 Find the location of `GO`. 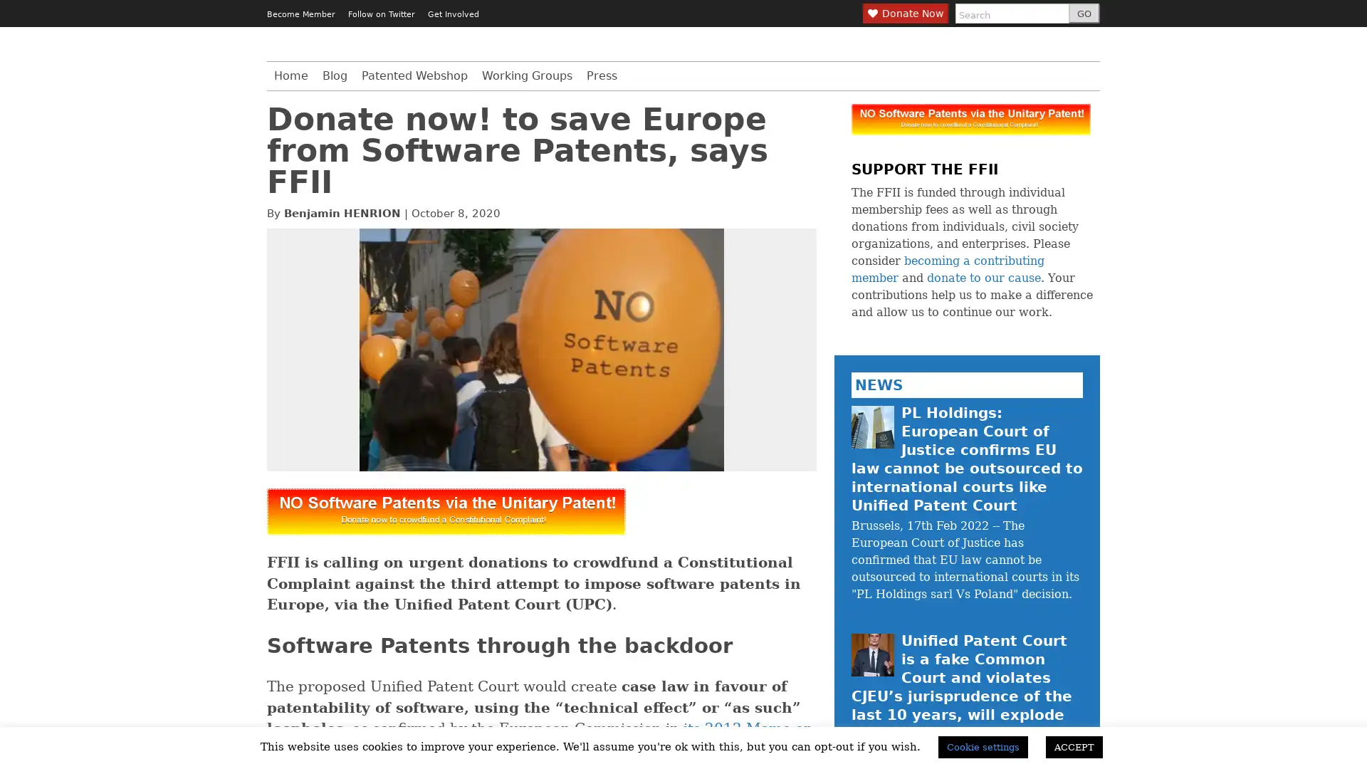

GO is located at coordinates (1083, 14).